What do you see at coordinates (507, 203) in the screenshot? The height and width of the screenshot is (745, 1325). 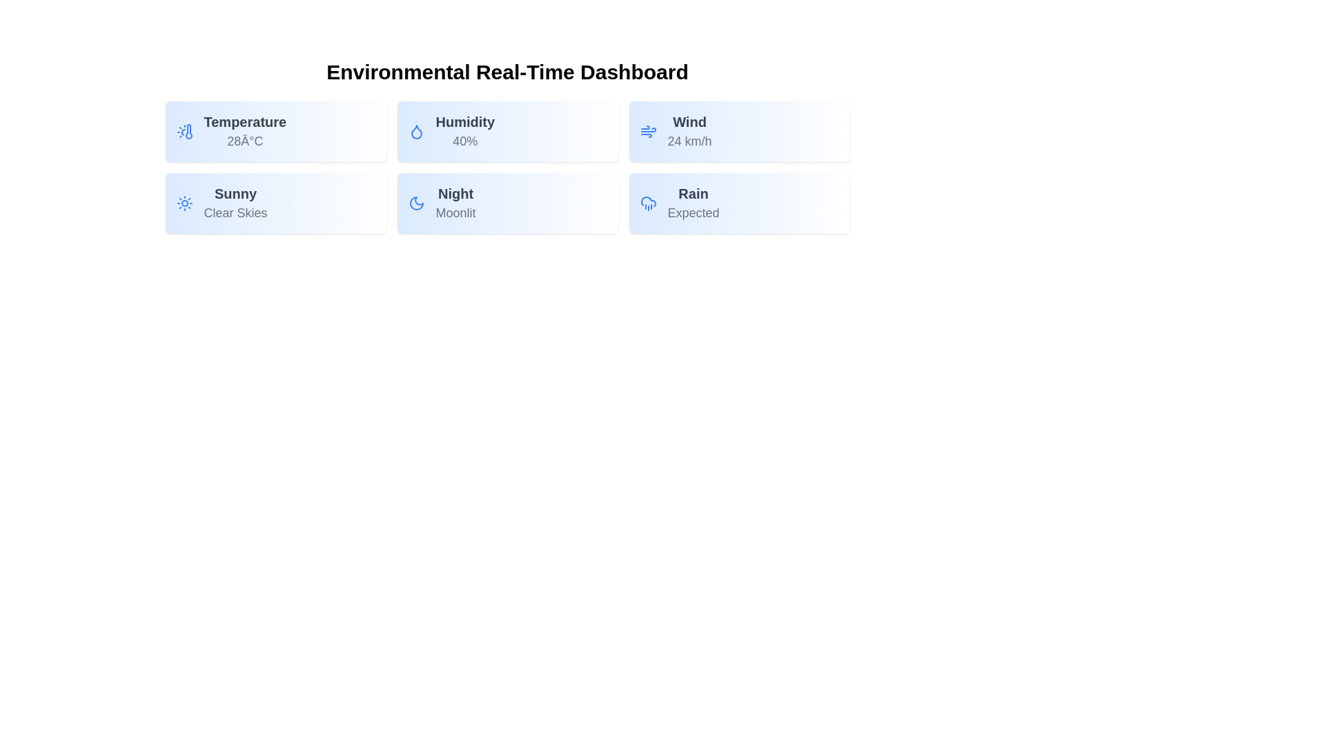 I see `the card titled 'Night' with a subtitle 'Moonlit', which features a gradient background and is positioned in the second row and second column of the grid layout` at bounding box center [507, 203].